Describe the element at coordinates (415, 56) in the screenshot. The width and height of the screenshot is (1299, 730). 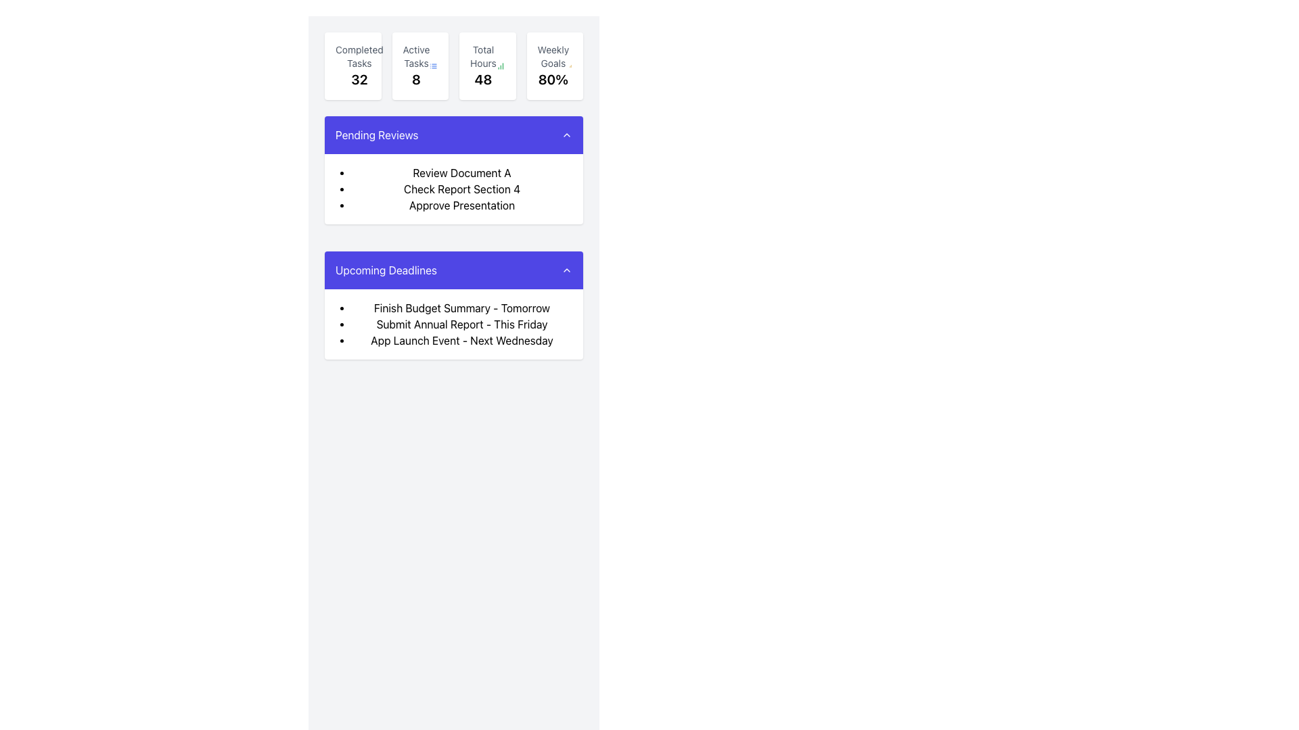
I see `the Text Label that identifies the statistic for active tasks, located above the number '8' in the second summary card` at that location.